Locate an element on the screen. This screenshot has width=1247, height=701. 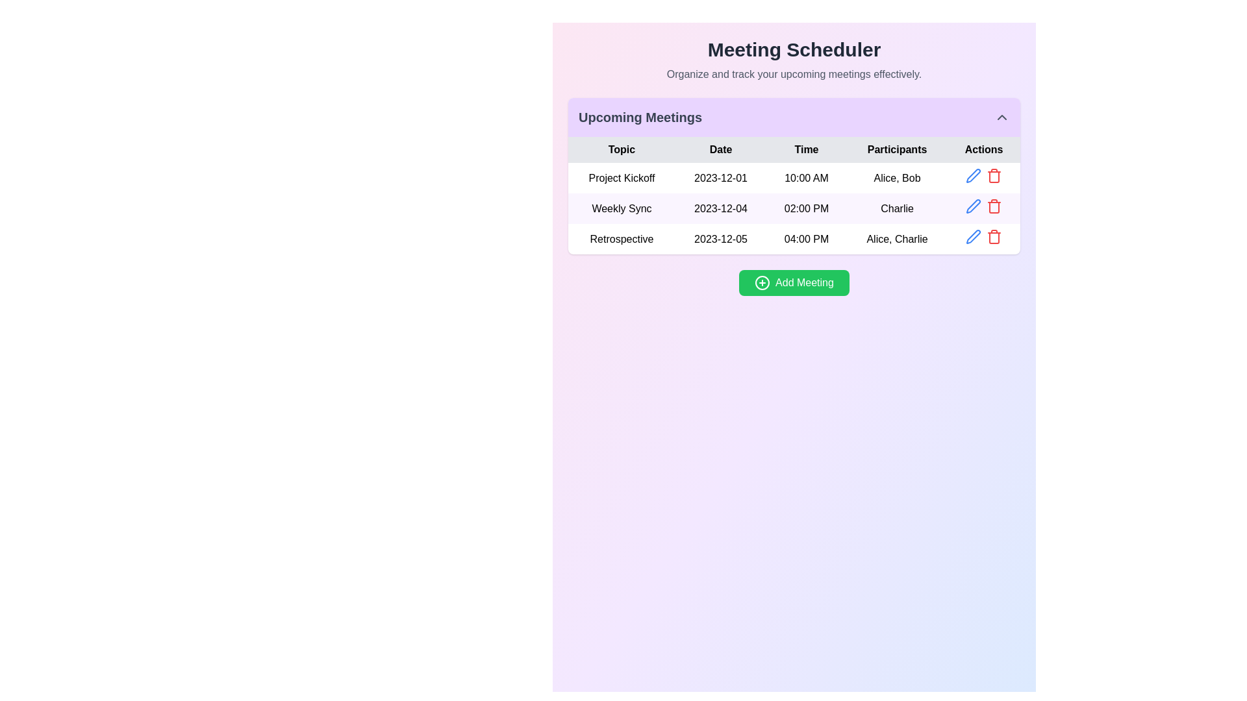
the first Meeting Entry Row titled 'Project Kickoff' in the 'Upcoming Meetings' table is located at coordinates (794, 177).